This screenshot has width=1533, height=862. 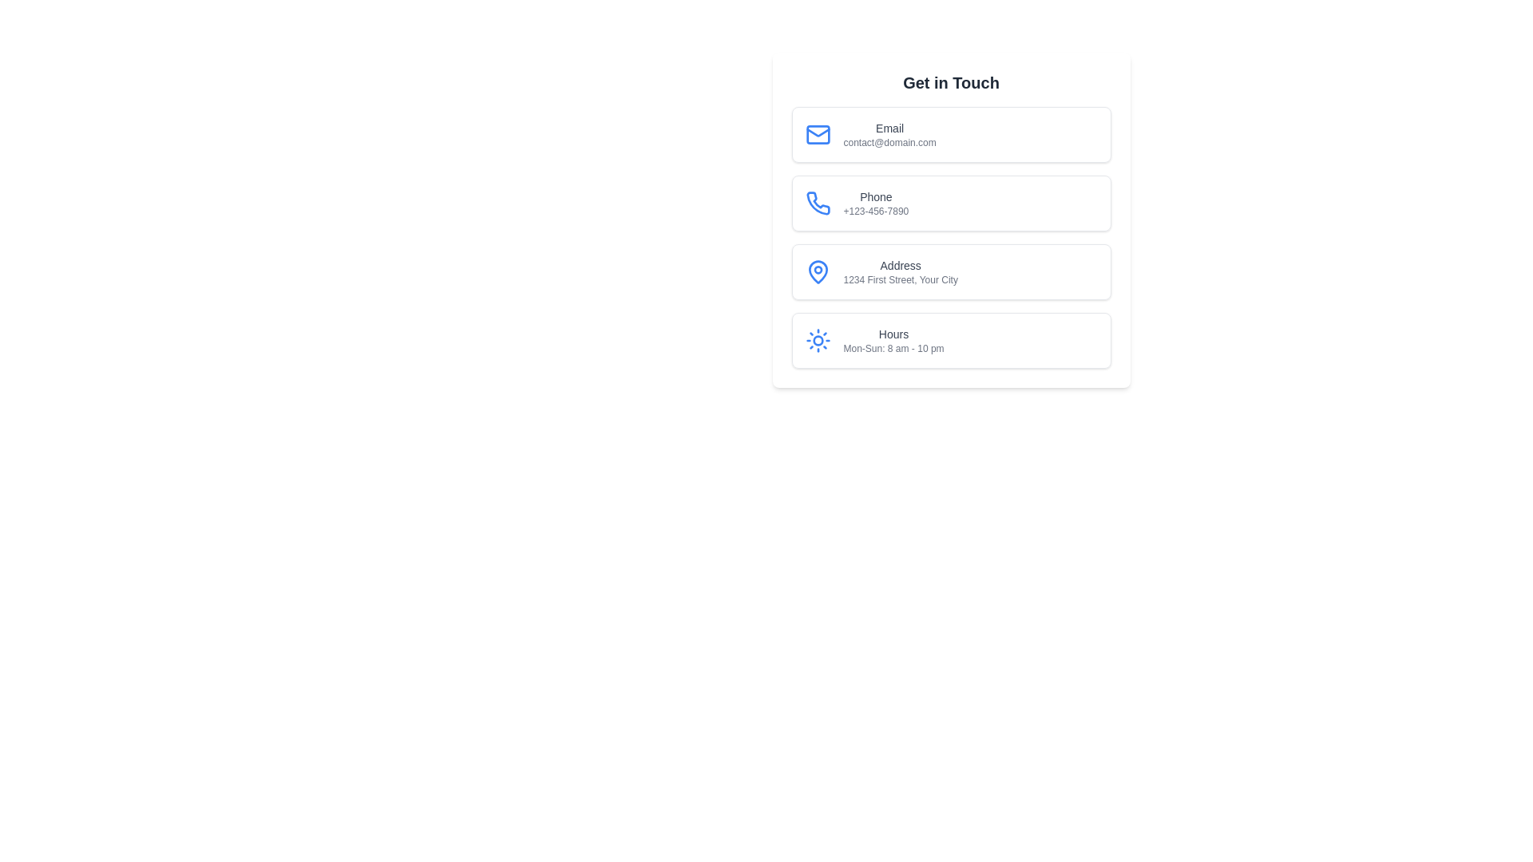 I want to click on the text label displaying '1234 First Street, Your City', which is located in the 'Get in Touch' section beneath the 'Address' label, so click(x=901, y=279).